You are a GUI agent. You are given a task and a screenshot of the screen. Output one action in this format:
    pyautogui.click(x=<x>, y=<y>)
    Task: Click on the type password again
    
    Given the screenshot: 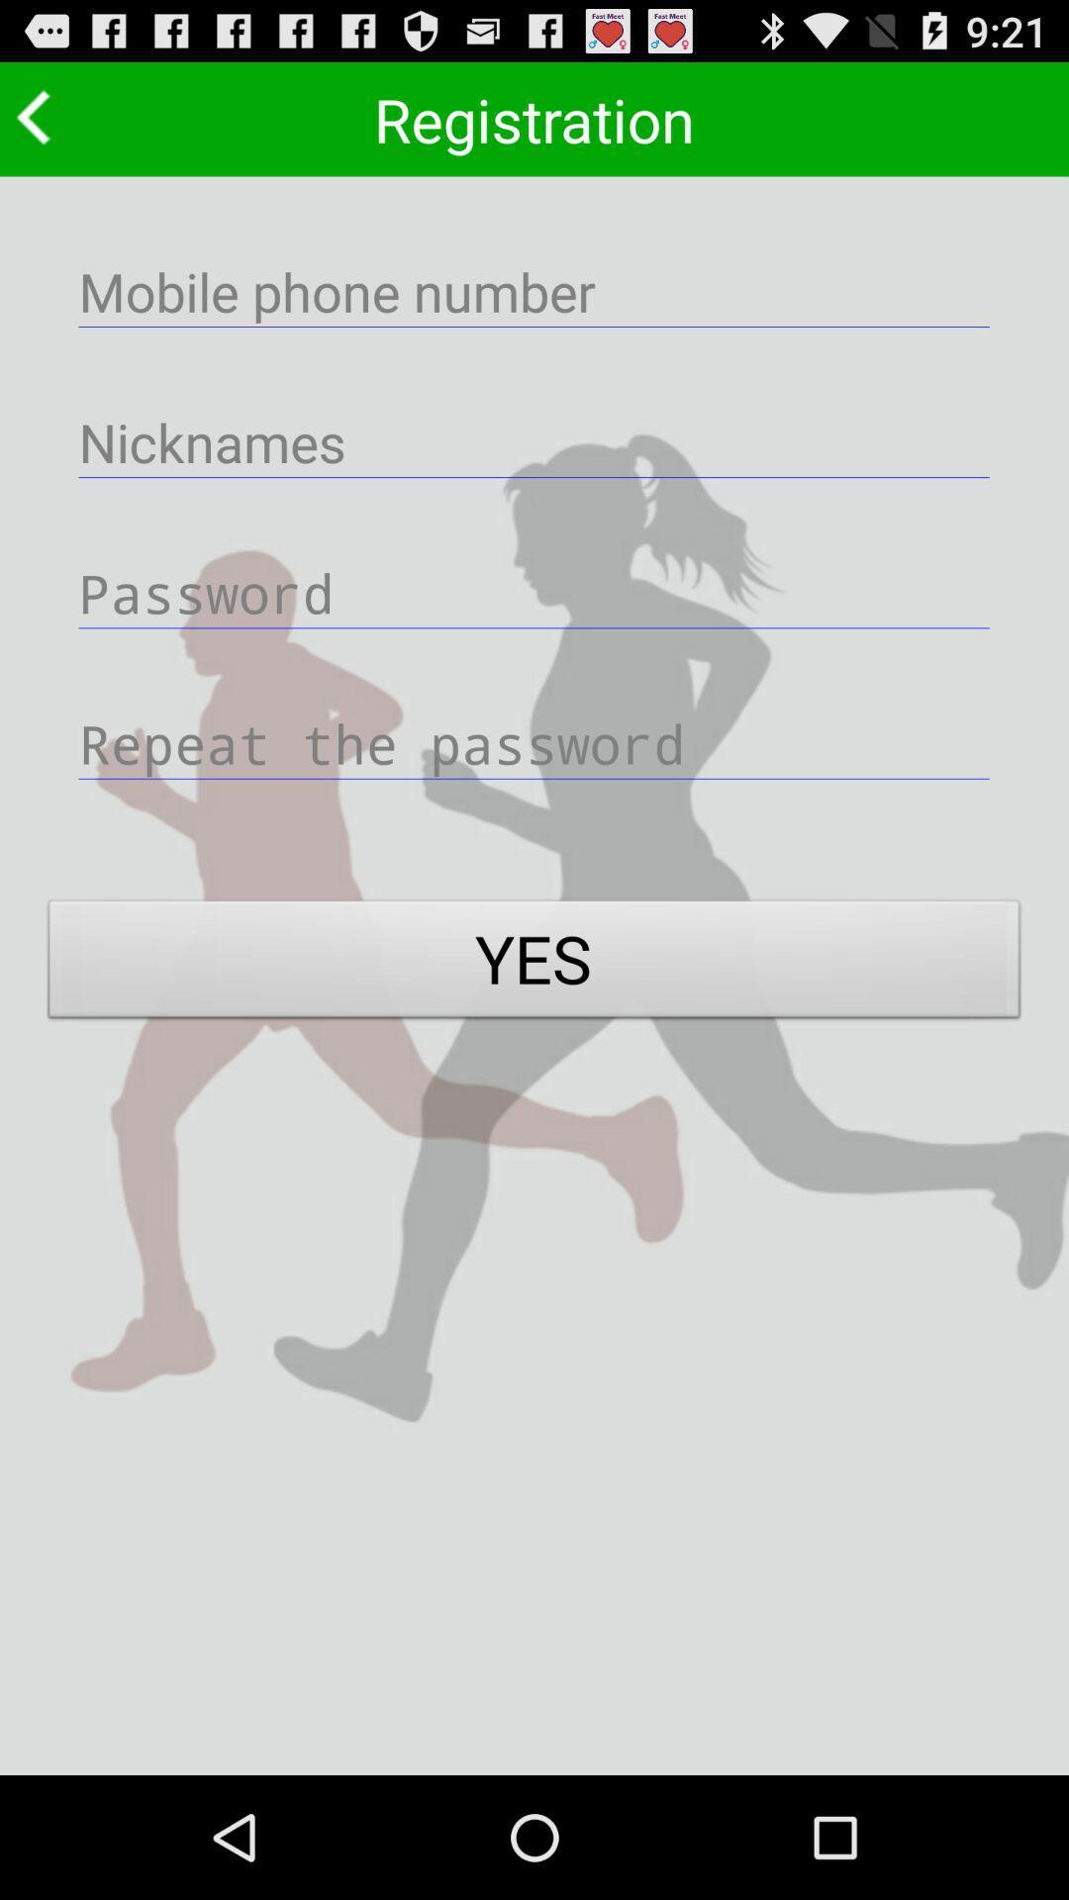 What is the action you would take?
    pyautogui.click(x=534, y=742)
    